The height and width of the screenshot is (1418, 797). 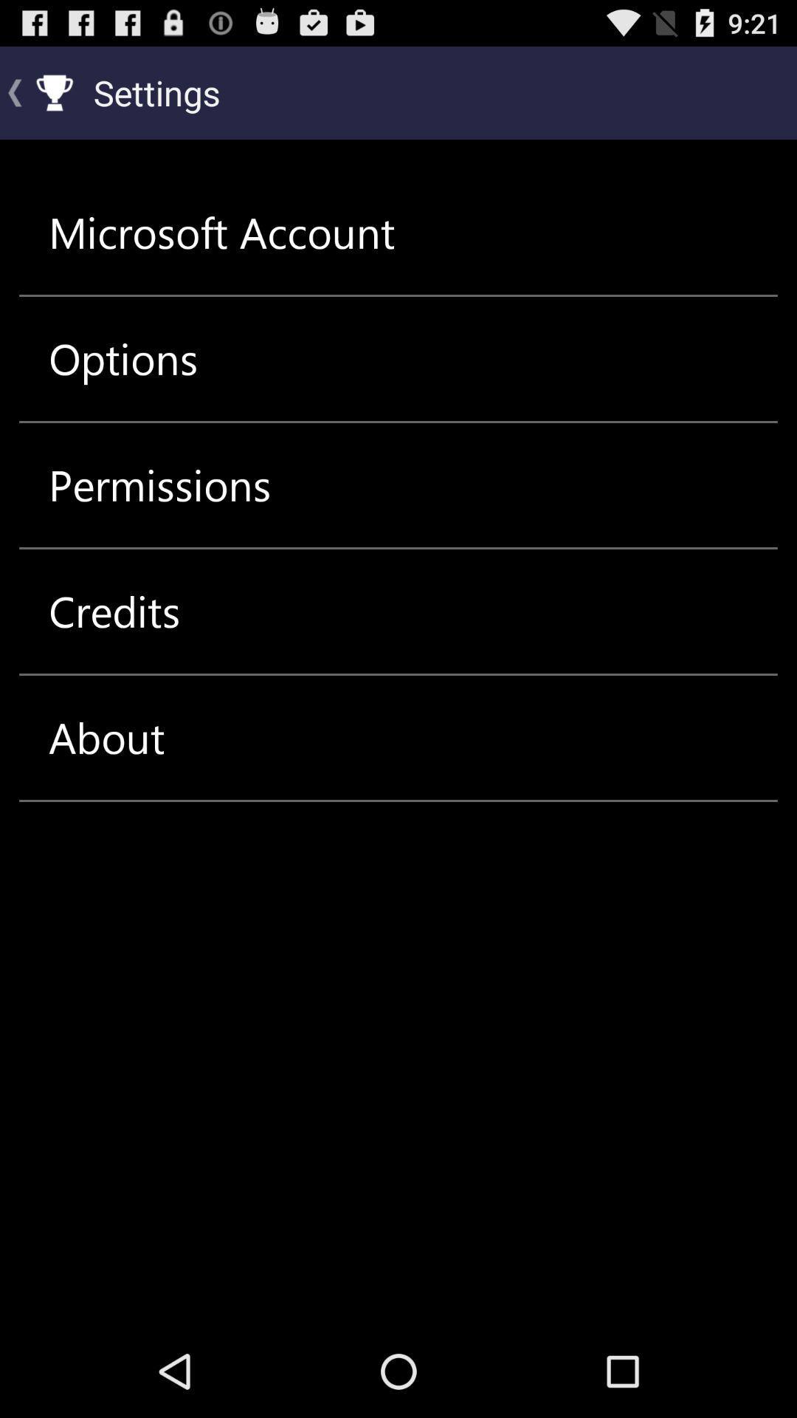 What do you see at coordinates (114, 612) in the screenshot?
I see `item above about icon` at bounding box center [114, 612].